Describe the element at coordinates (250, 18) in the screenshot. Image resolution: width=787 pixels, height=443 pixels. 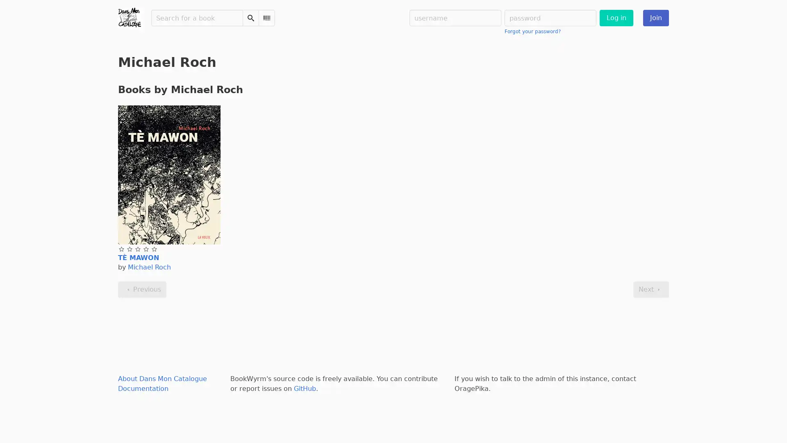
I see `Search` at that location.